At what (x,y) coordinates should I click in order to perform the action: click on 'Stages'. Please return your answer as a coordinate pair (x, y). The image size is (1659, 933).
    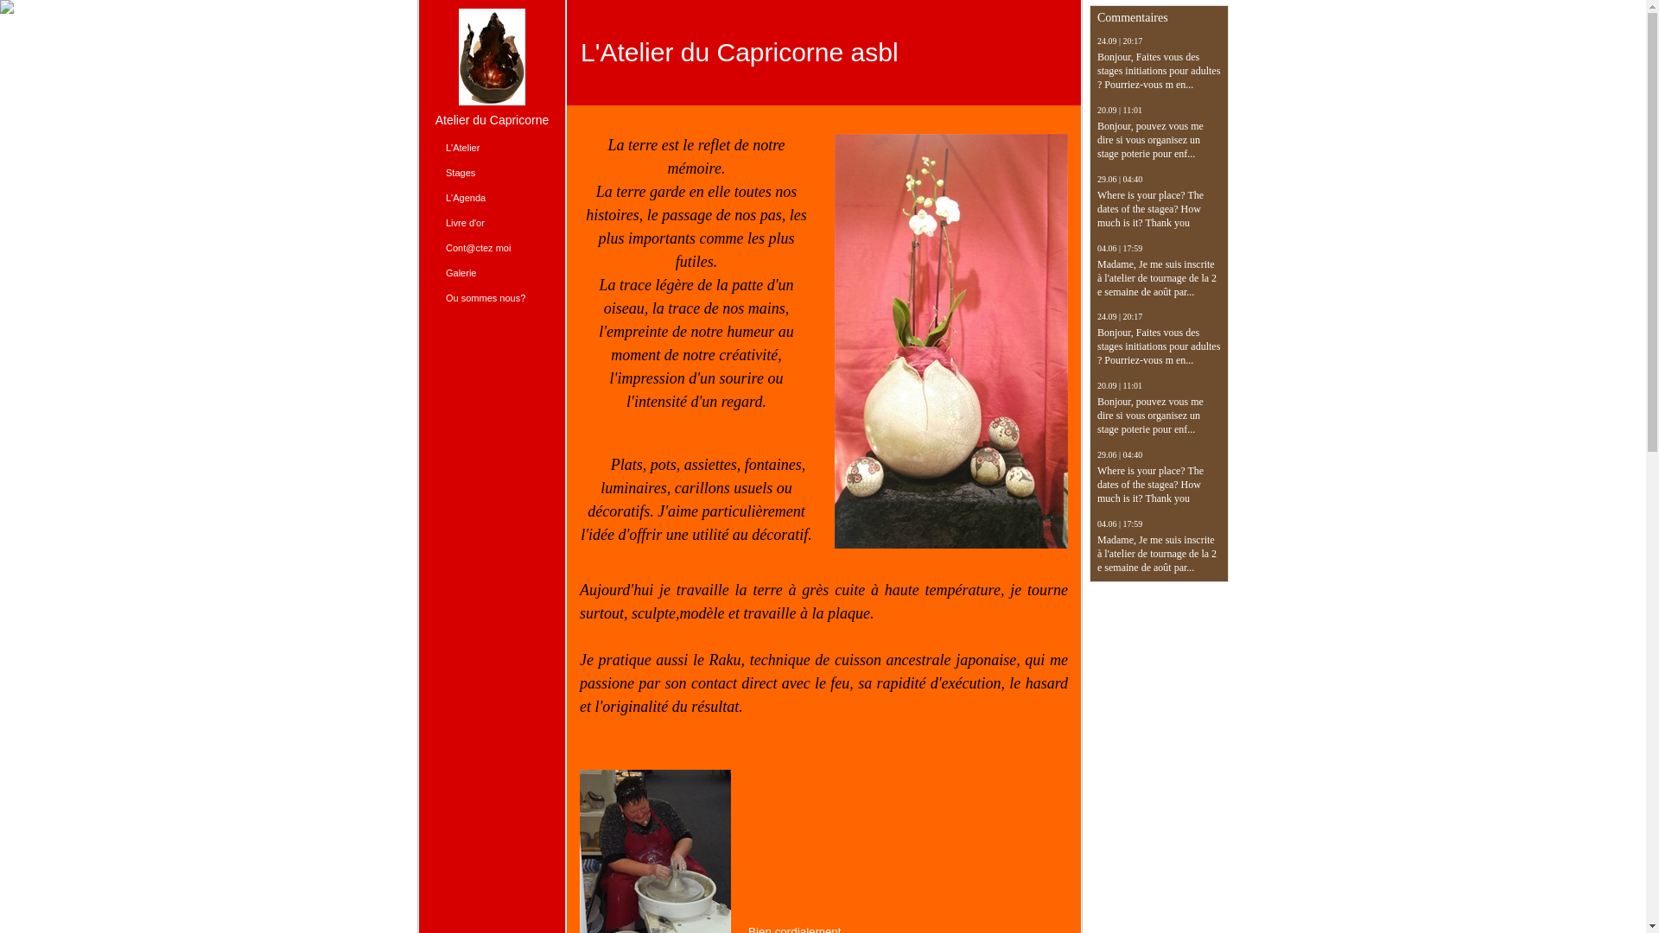
    Looking at the image, I should click on (491, 173).